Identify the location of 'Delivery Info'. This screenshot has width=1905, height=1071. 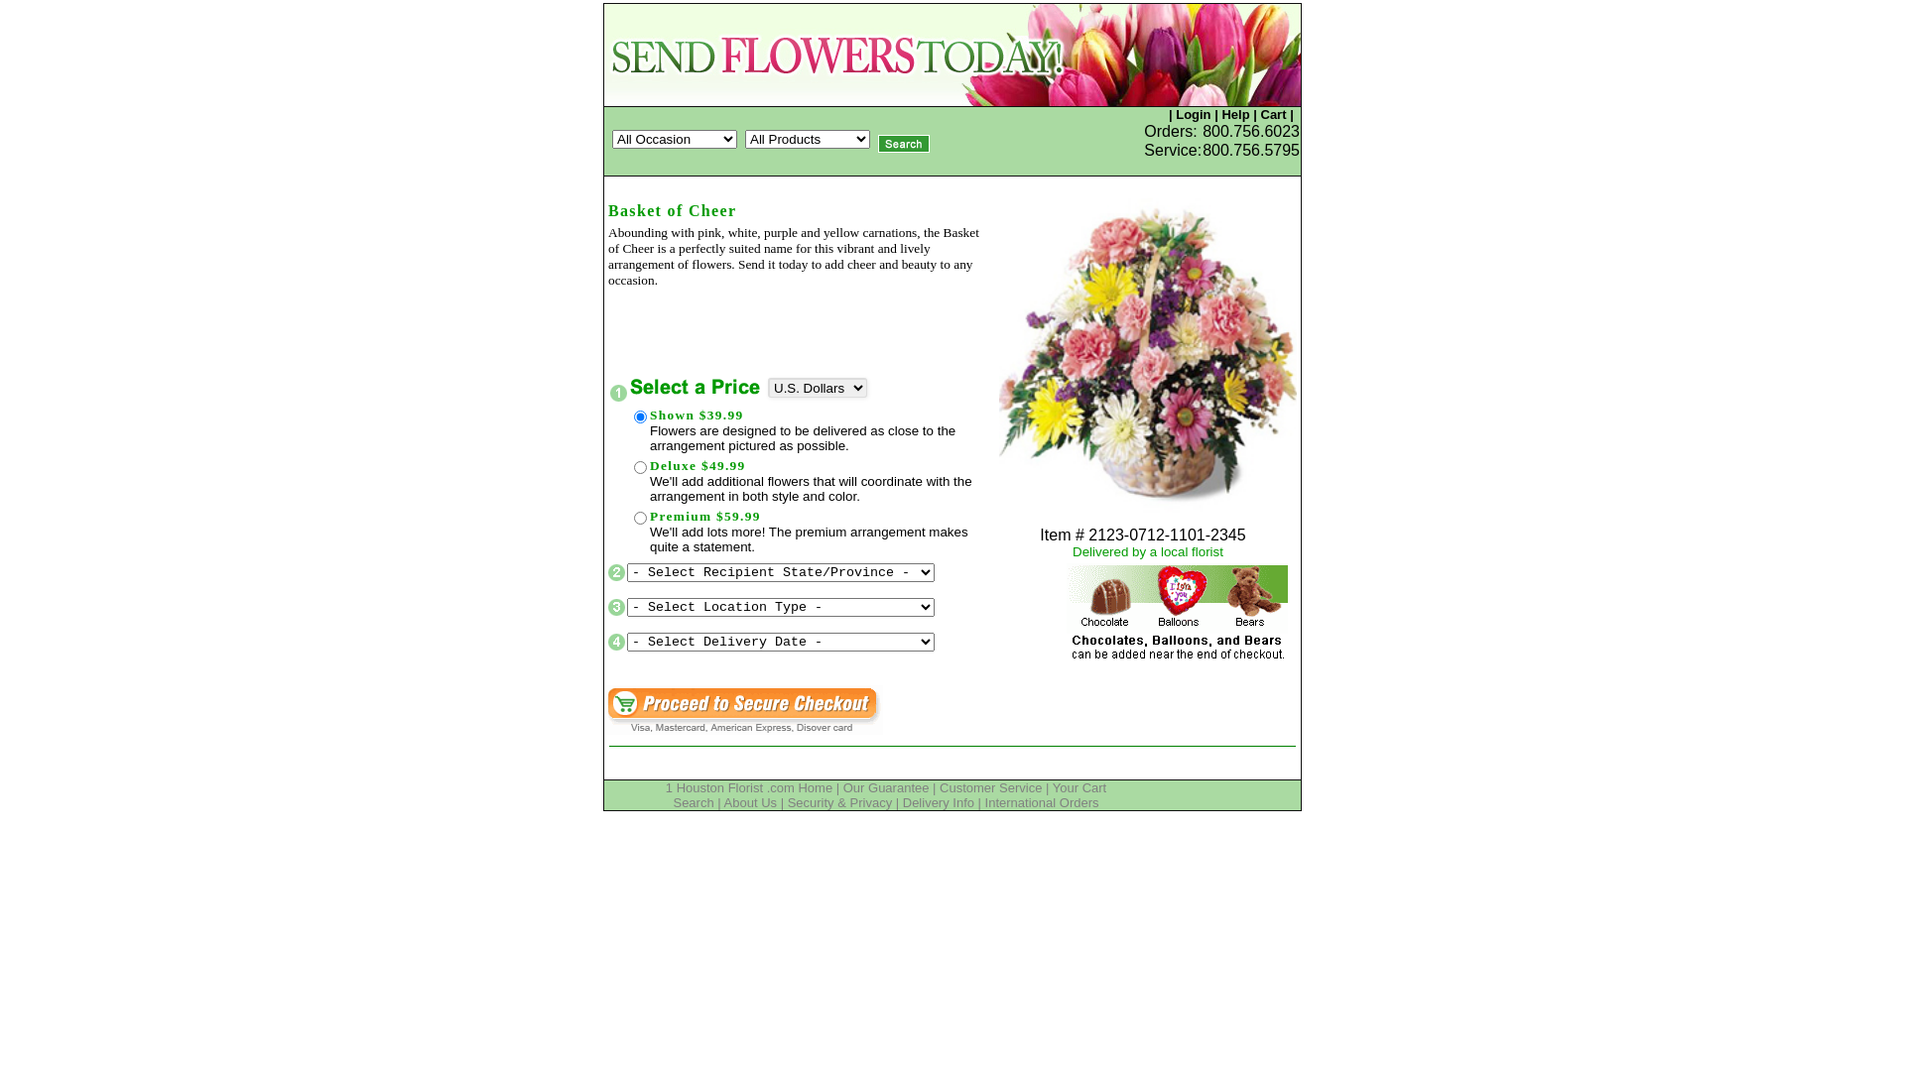
(902, 801).